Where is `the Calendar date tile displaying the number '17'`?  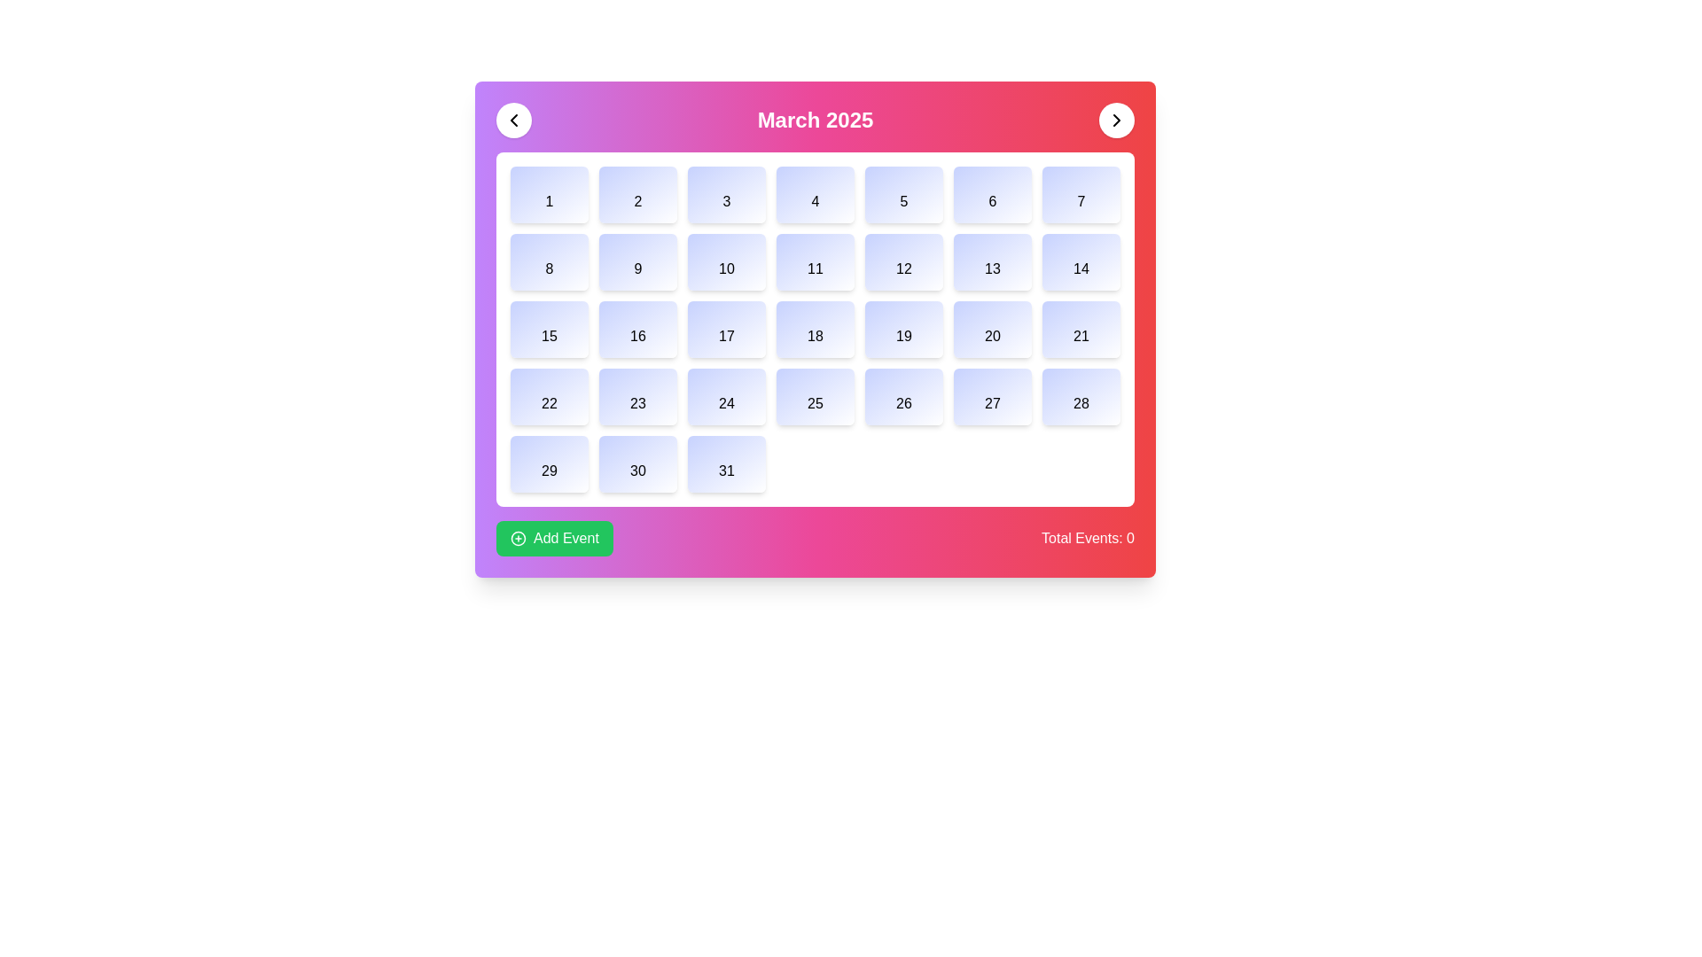
the Calendar date tile displaying the number '17' is located at coordinates (727, 329).